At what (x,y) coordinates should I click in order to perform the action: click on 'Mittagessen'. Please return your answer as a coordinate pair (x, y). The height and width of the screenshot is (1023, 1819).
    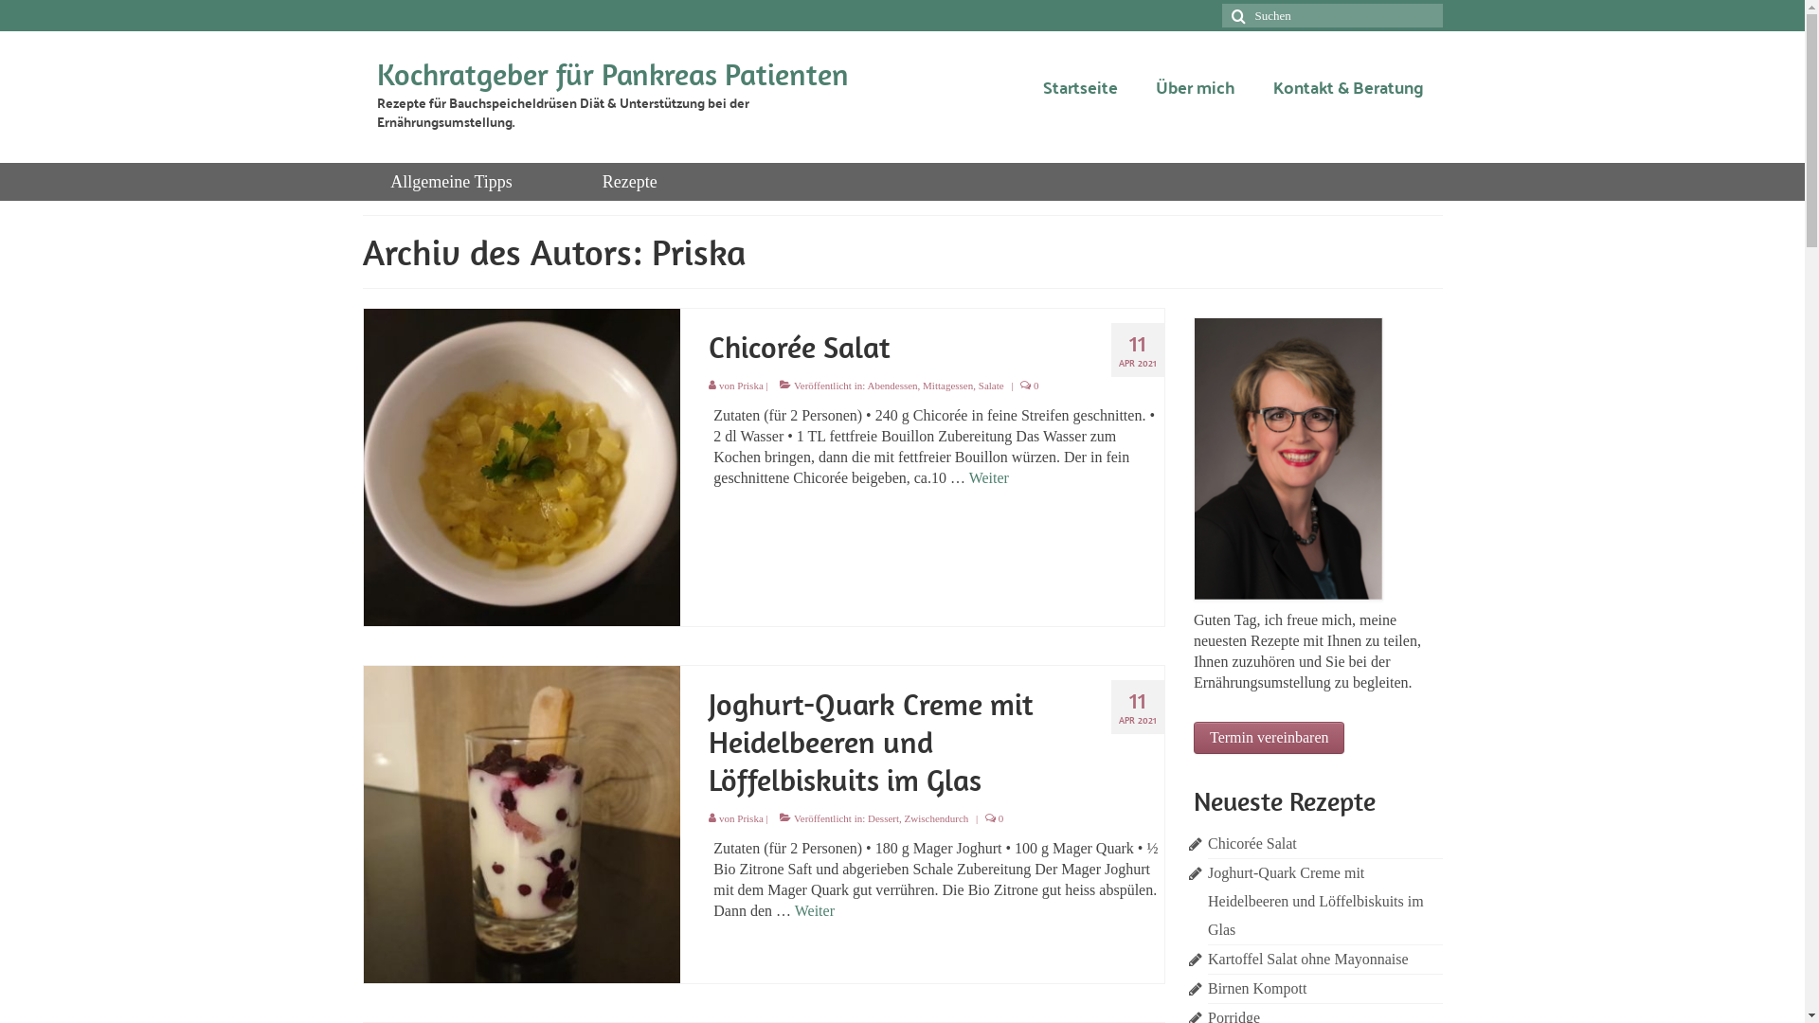
    Looking at the image, I should click on (923, 385).